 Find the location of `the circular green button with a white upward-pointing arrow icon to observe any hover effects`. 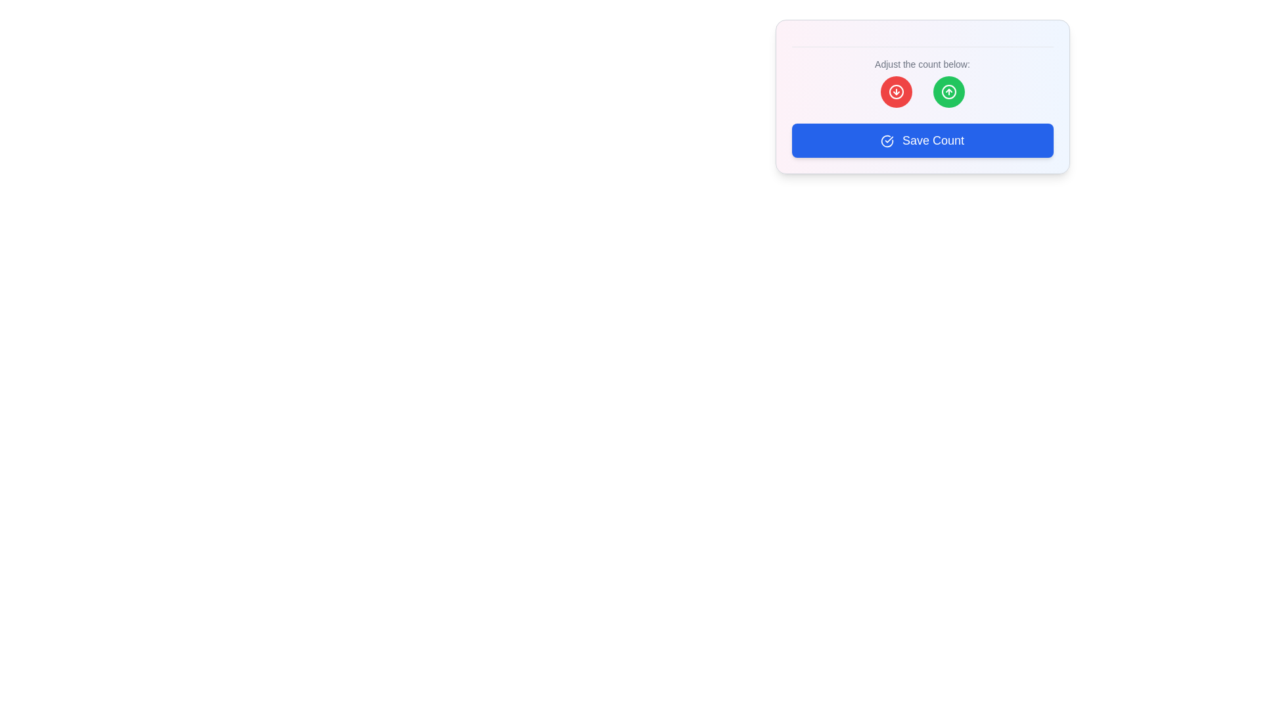

the circular green button with a white upward-pointing arrow icon to observe any hover effects is located at coordinates (948, 91).